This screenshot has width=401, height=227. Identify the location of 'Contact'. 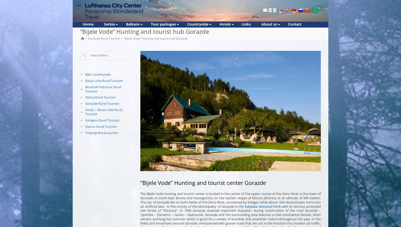
(295, 24).